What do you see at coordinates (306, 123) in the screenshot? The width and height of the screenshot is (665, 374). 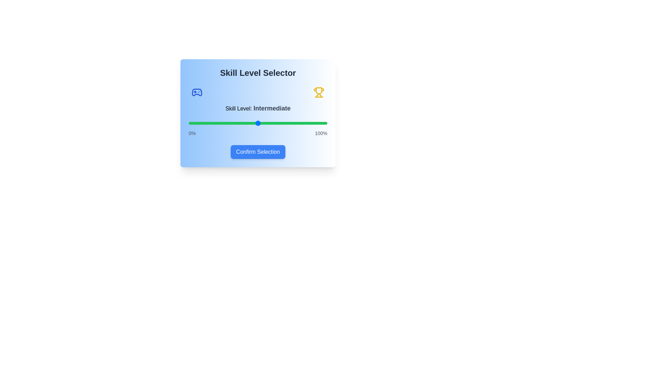 I see `the skill level slider to 85%, where 85 is a value between 0 and 100` at bounding box center [306, 123].